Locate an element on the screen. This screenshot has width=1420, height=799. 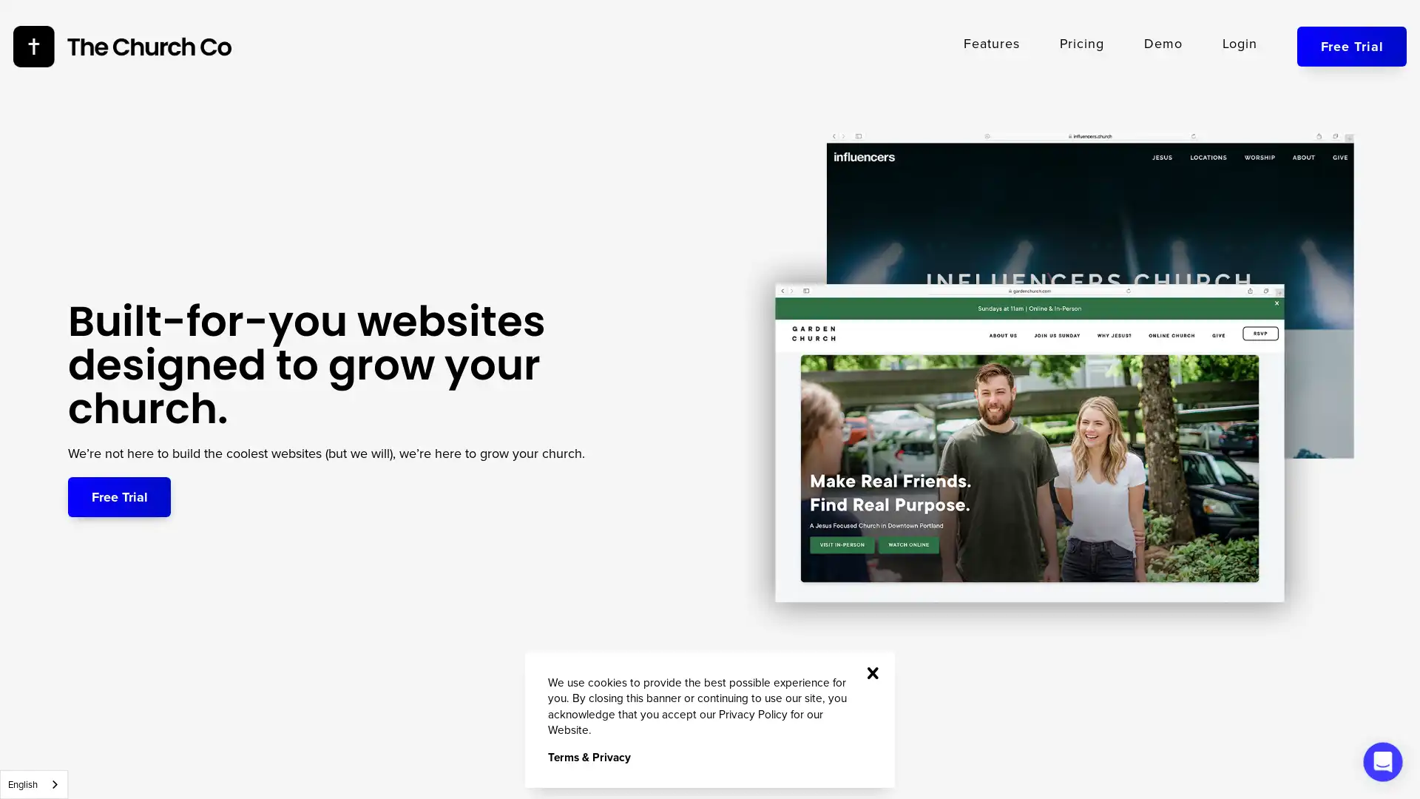
Open Intercom Messenger is located at coordinates (1382, 761).